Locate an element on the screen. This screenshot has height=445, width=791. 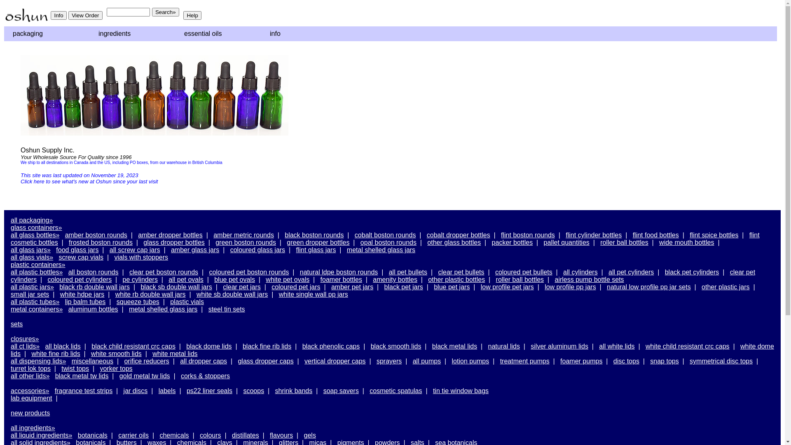
'cosmetic spatulas' is located at coordinates (395, 390).